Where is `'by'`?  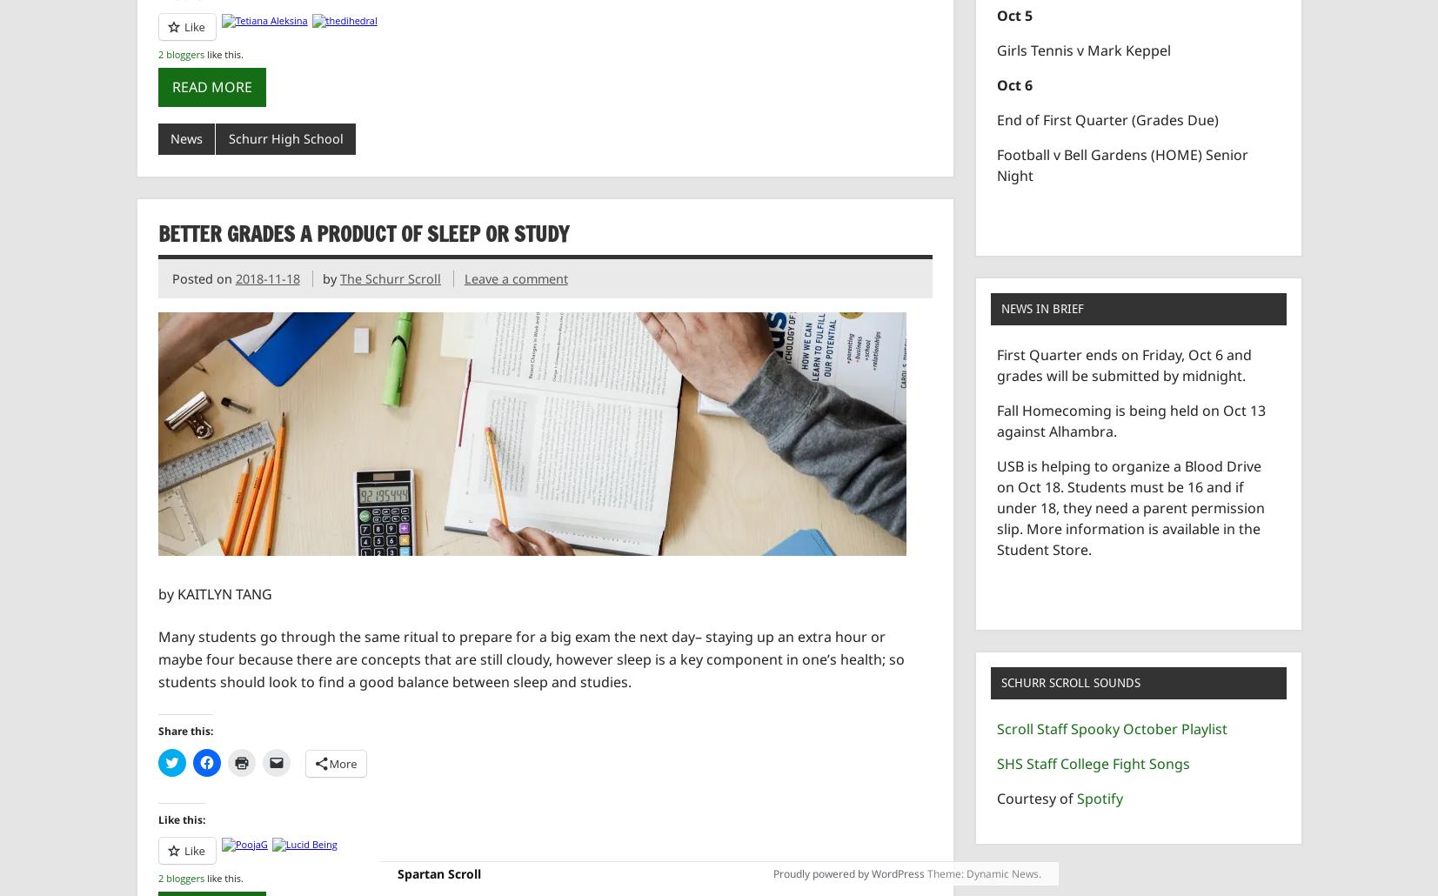 'by' is located at coordinates (331, 277).